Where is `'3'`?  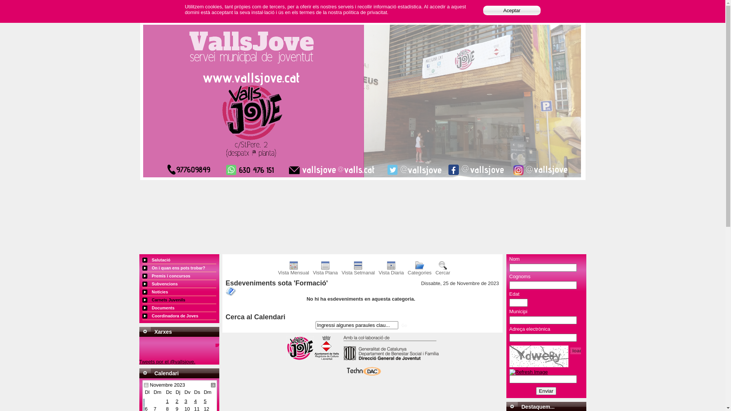
'3' is located at coordinates (185, 401).